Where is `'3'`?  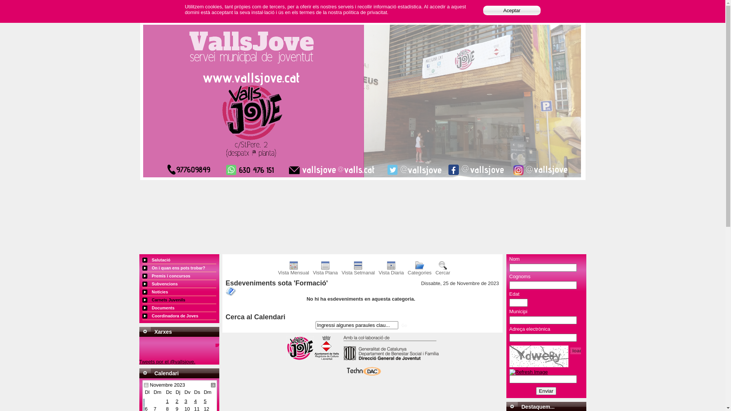
'3' is located at coordinates (185, 401).